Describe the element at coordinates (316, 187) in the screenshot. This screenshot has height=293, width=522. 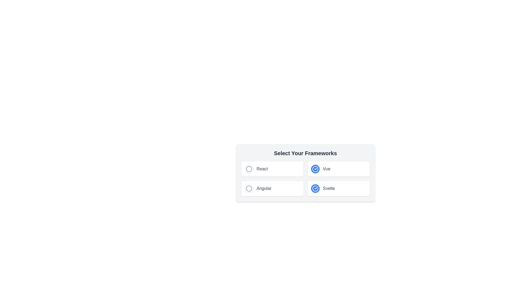
I see `the checkmark icon within a circular icon indicating a selected option in the 'Select Your Frameworks' interface, located at the bottom right of the 'Vue' button` at that location.